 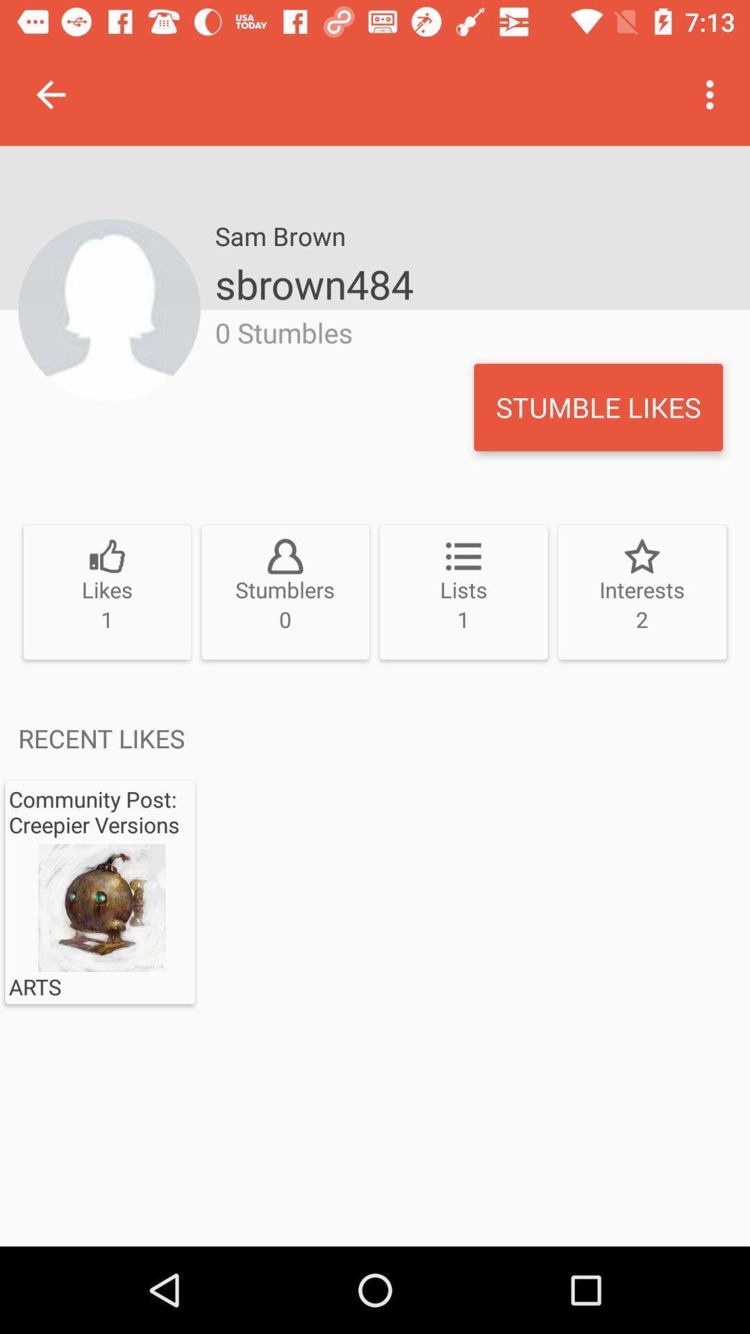 I want to click on the item next to 0 stumbles icon, so click(x=597, y=406).